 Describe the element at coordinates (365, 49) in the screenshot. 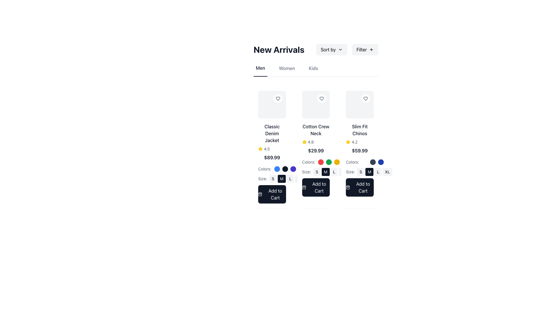

I see `the 'Filter' button, which has a rounded rectangular shape with a light gray background and displays the text 'Filter' alongside a plus icon` at that location.